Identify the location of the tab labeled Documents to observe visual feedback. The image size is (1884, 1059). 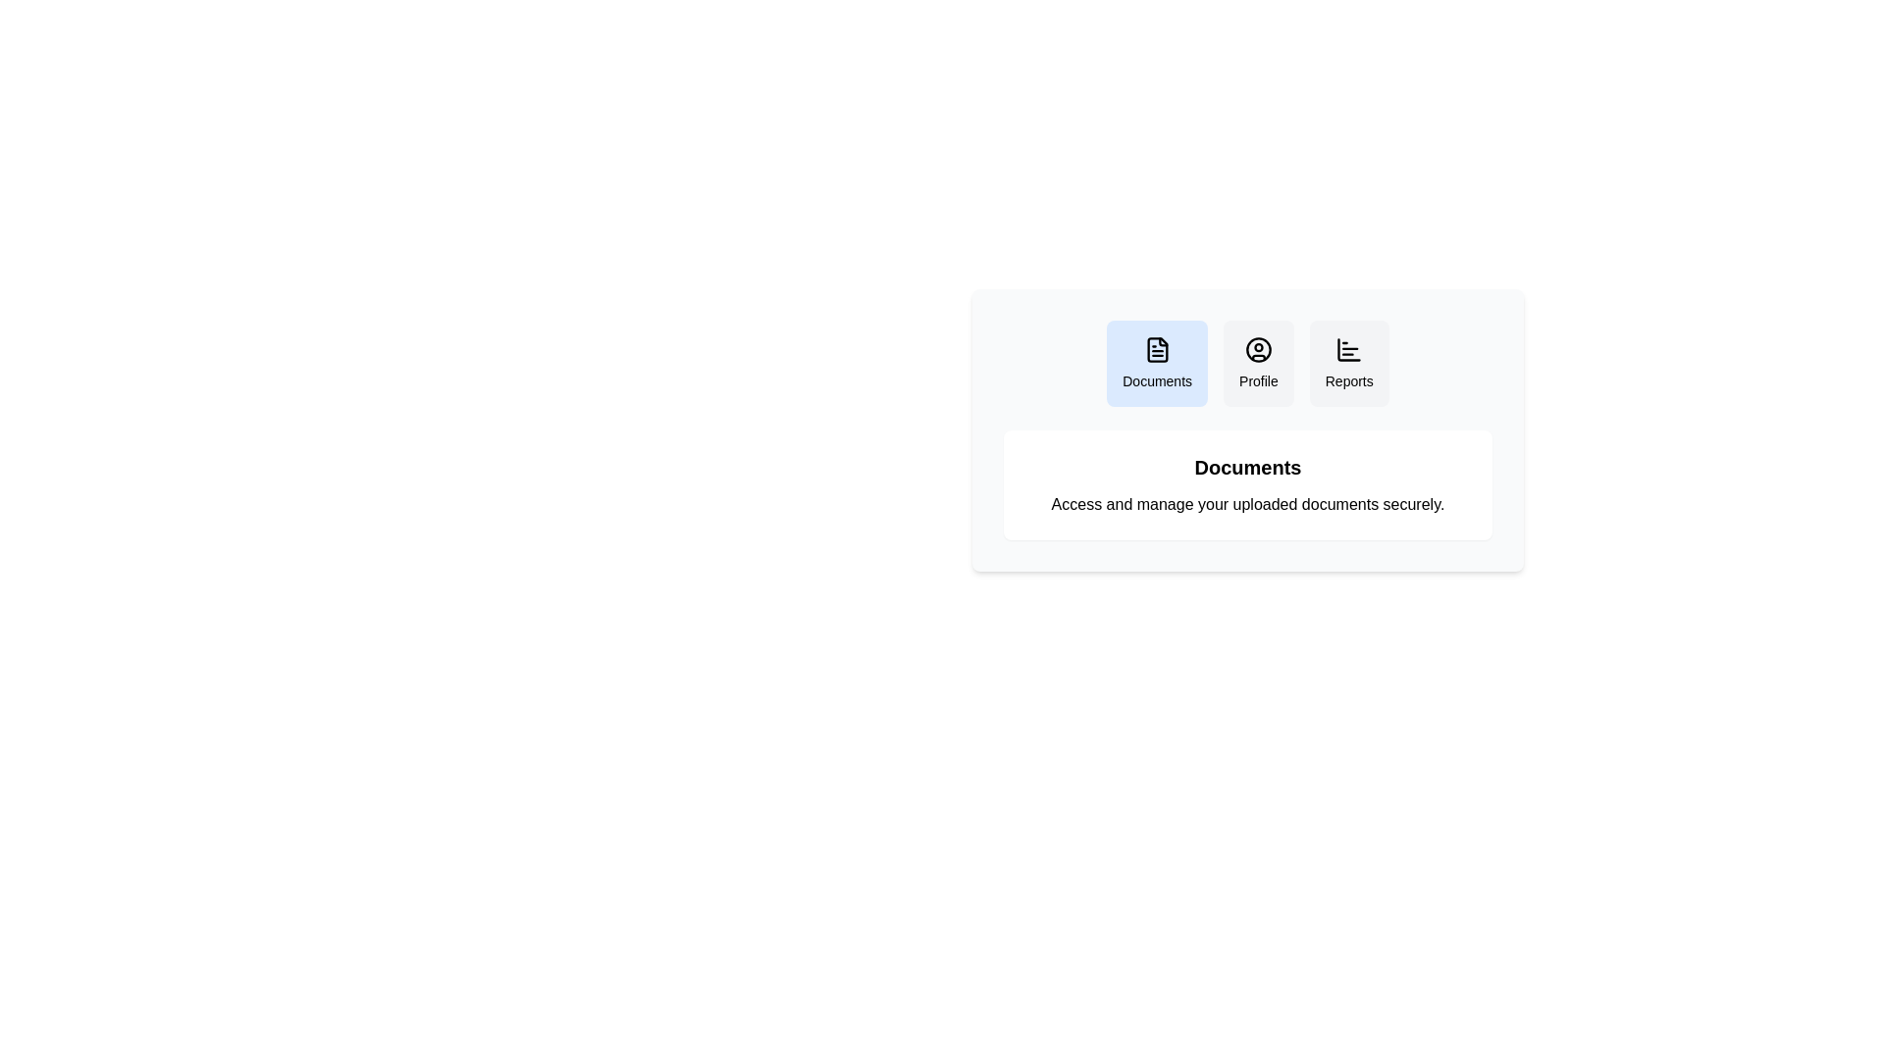
(1157, 363).